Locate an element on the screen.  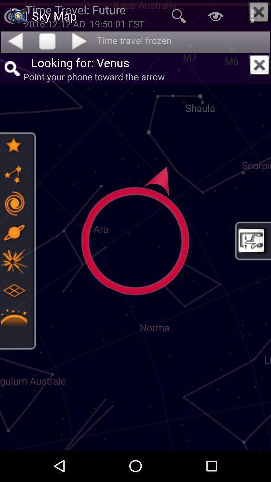
the national_flag icon is located at coordinates (13, 261).